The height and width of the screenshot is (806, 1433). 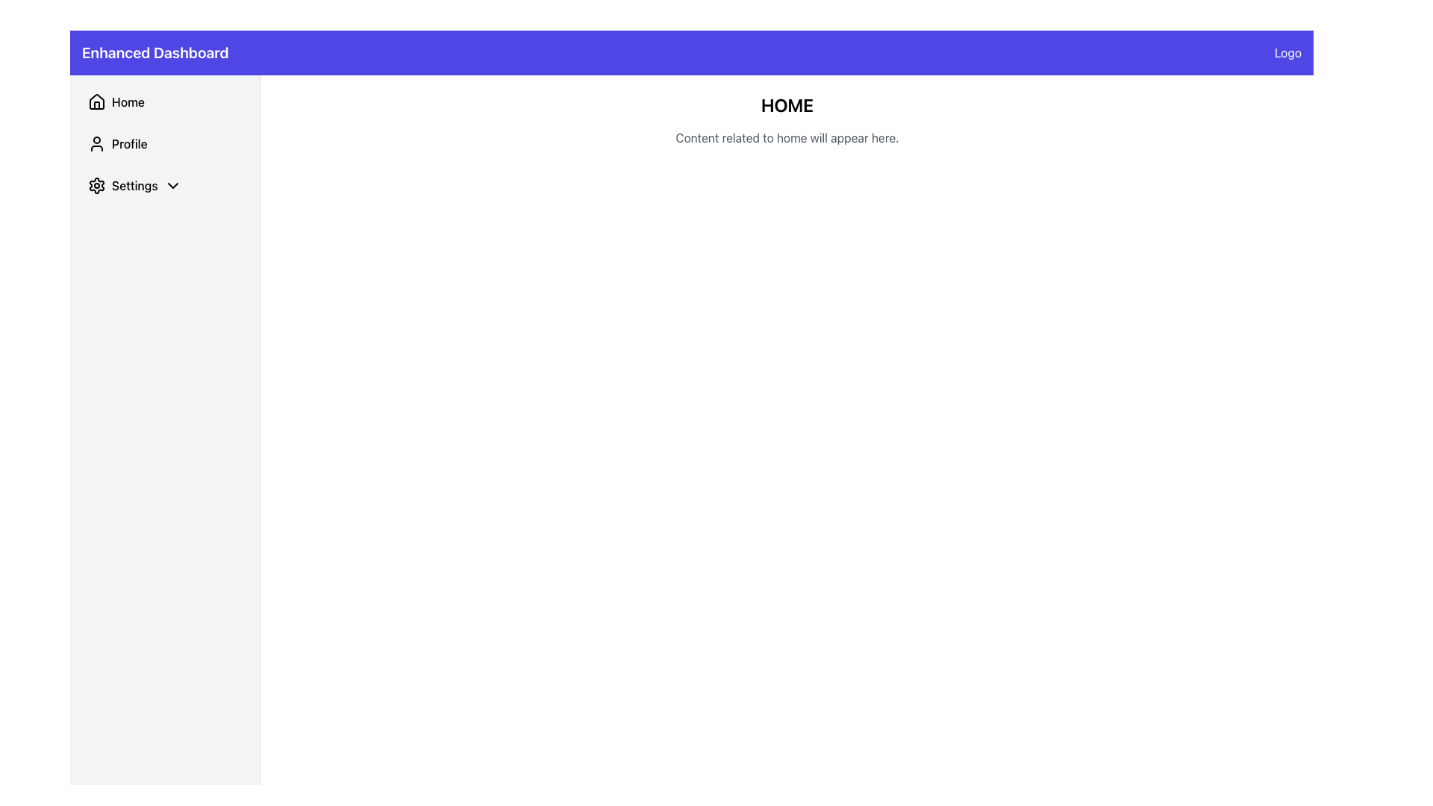 I want to click on the Text Block displaying 'Content related to home will appear here.' which is located beneath the 'HOME' header, so click(x=787, y=138).